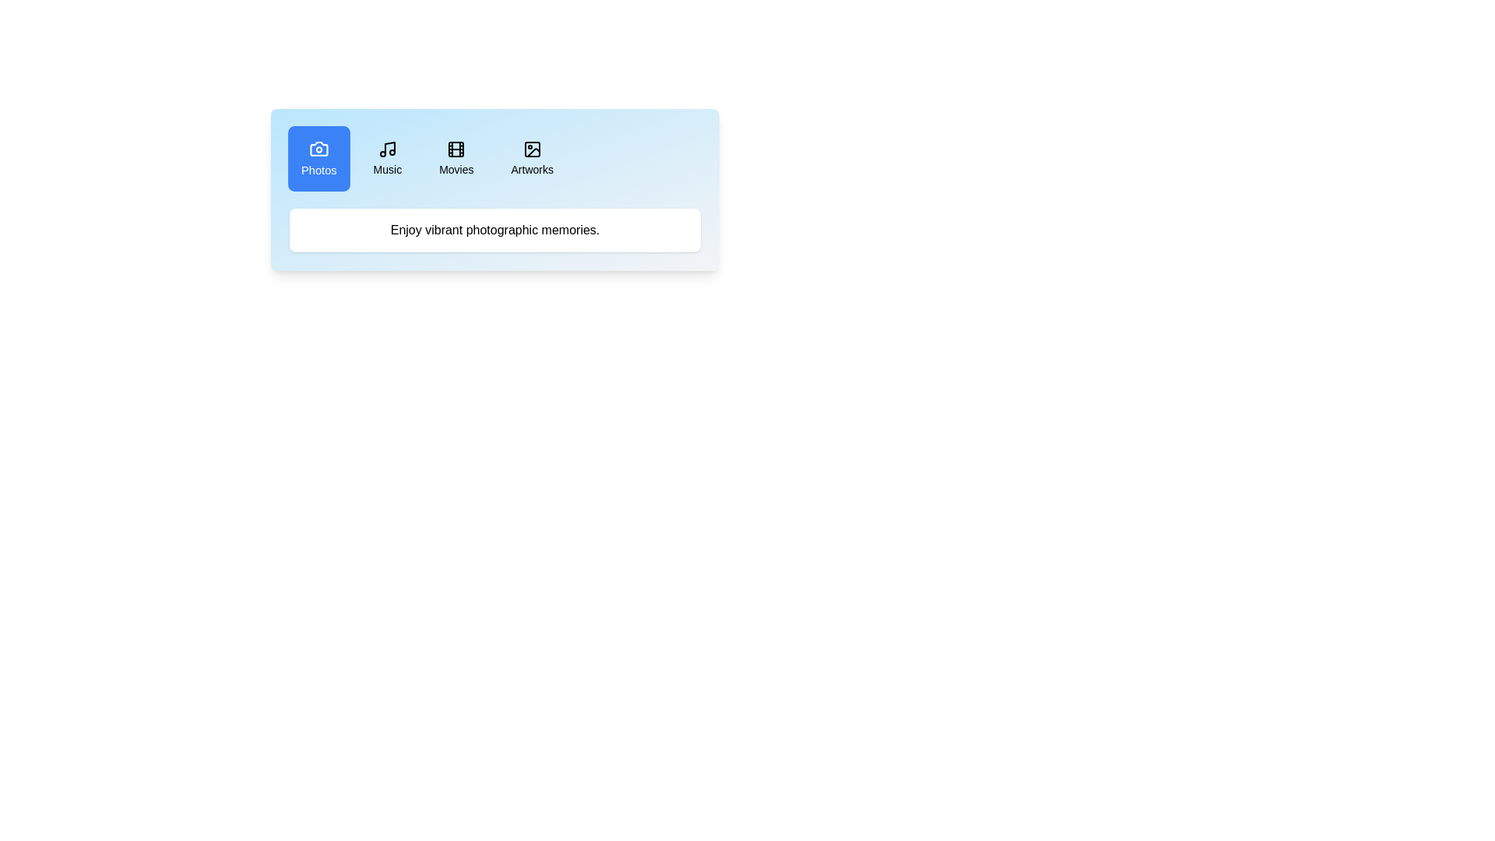 The width and height of the screenshot is (1495, 841). I want to click on the icon of the Movies tab, so click(456, 150).